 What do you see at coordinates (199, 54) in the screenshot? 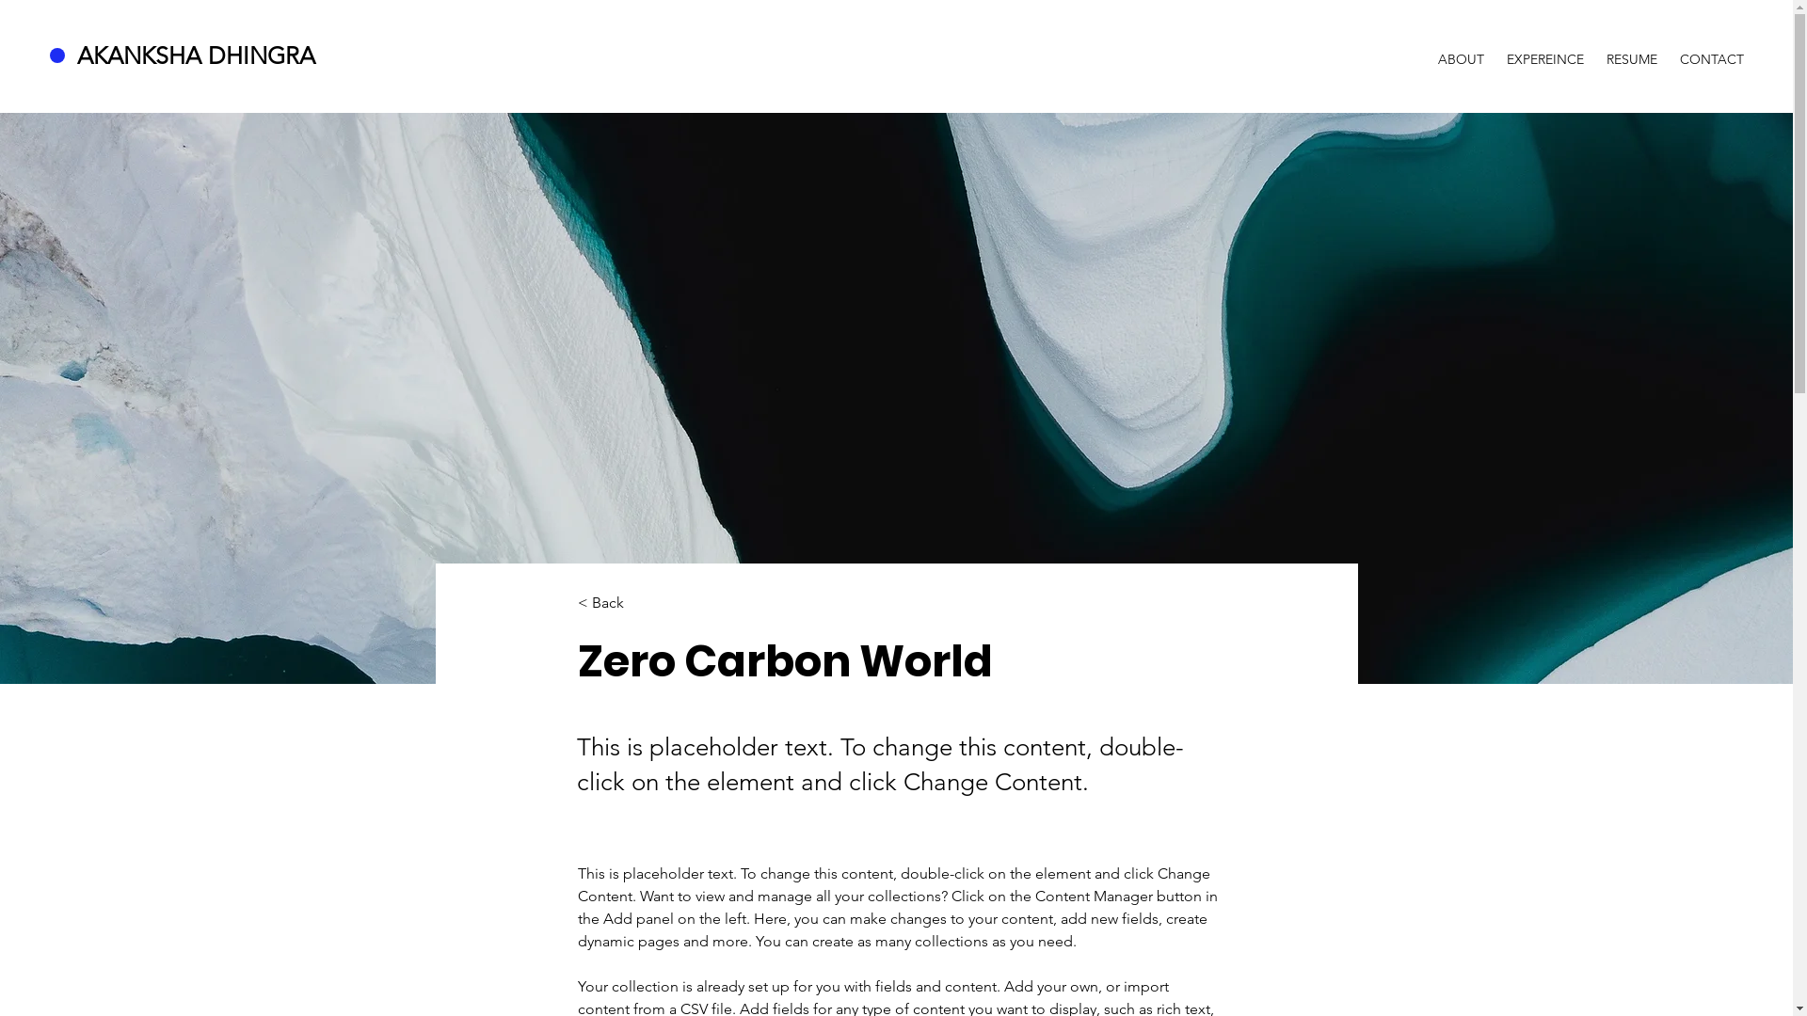
I see `'AKANKSHA DHINGRA '` at bounding box center [199, 54].